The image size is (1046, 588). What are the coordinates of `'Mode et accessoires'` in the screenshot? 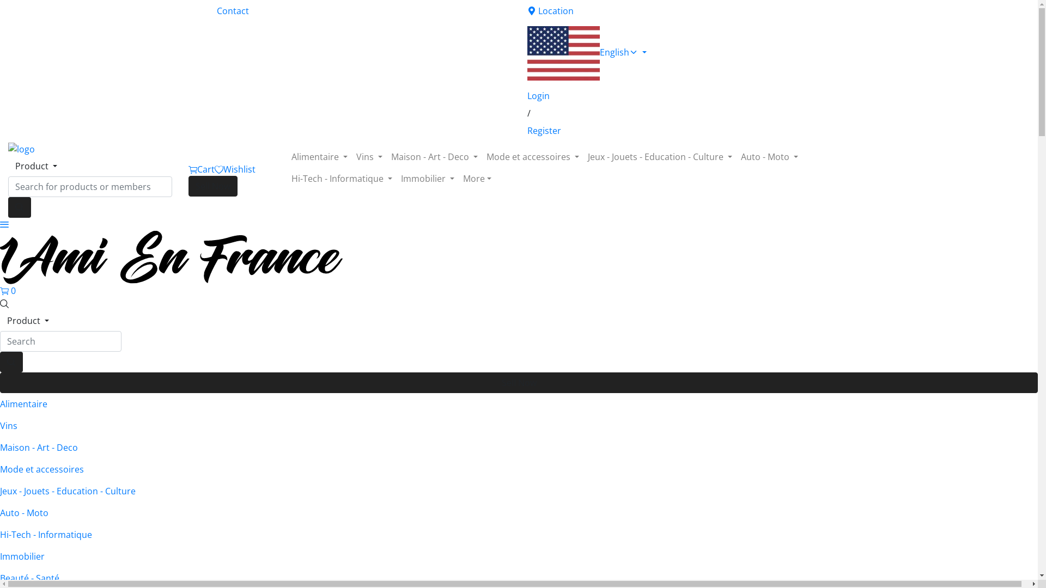 It's located at (533, 157).